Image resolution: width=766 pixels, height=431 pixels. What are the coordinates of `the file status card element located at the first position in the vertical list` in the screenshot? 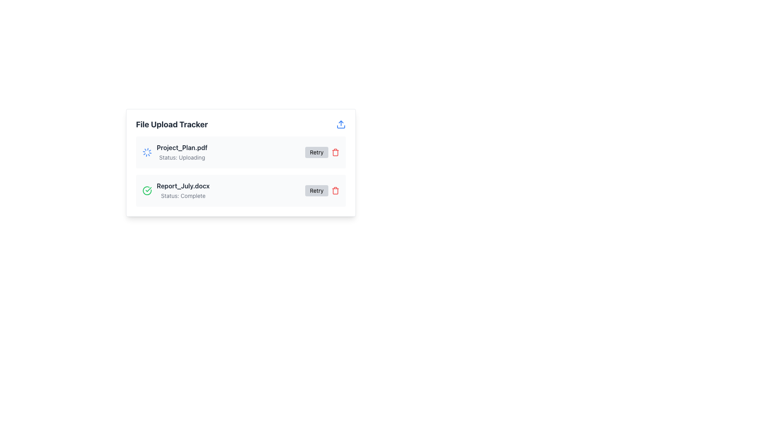 It's located at (241, 152).